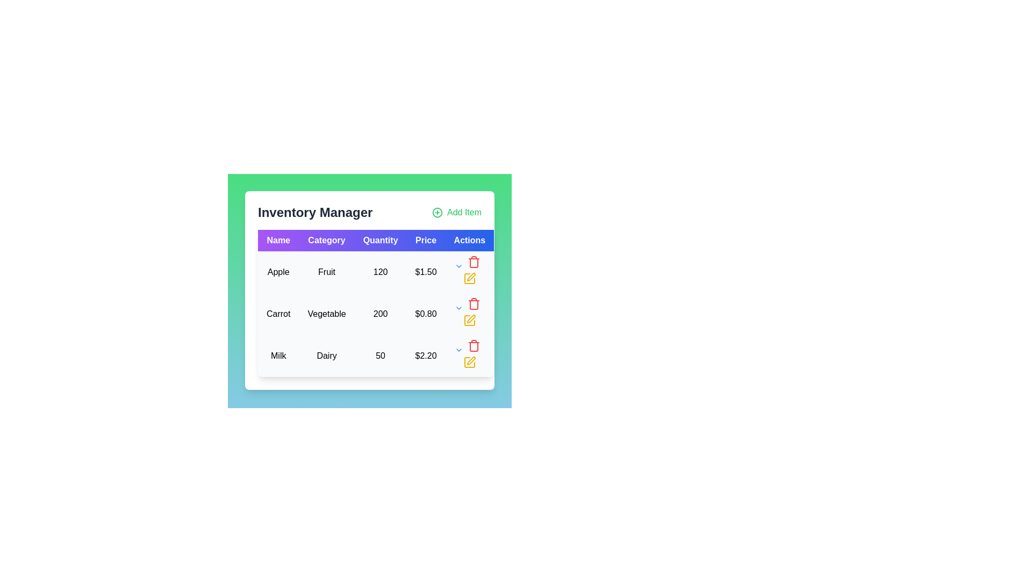 The width and height of the screenshot is (1032, 580). What do you see at coordinates (376, 314) in the screenshot?
I see `the second table row that displays an inventory record, located between the rows for 'Apple' and 'Milk'` at bounding box center [376, 314].